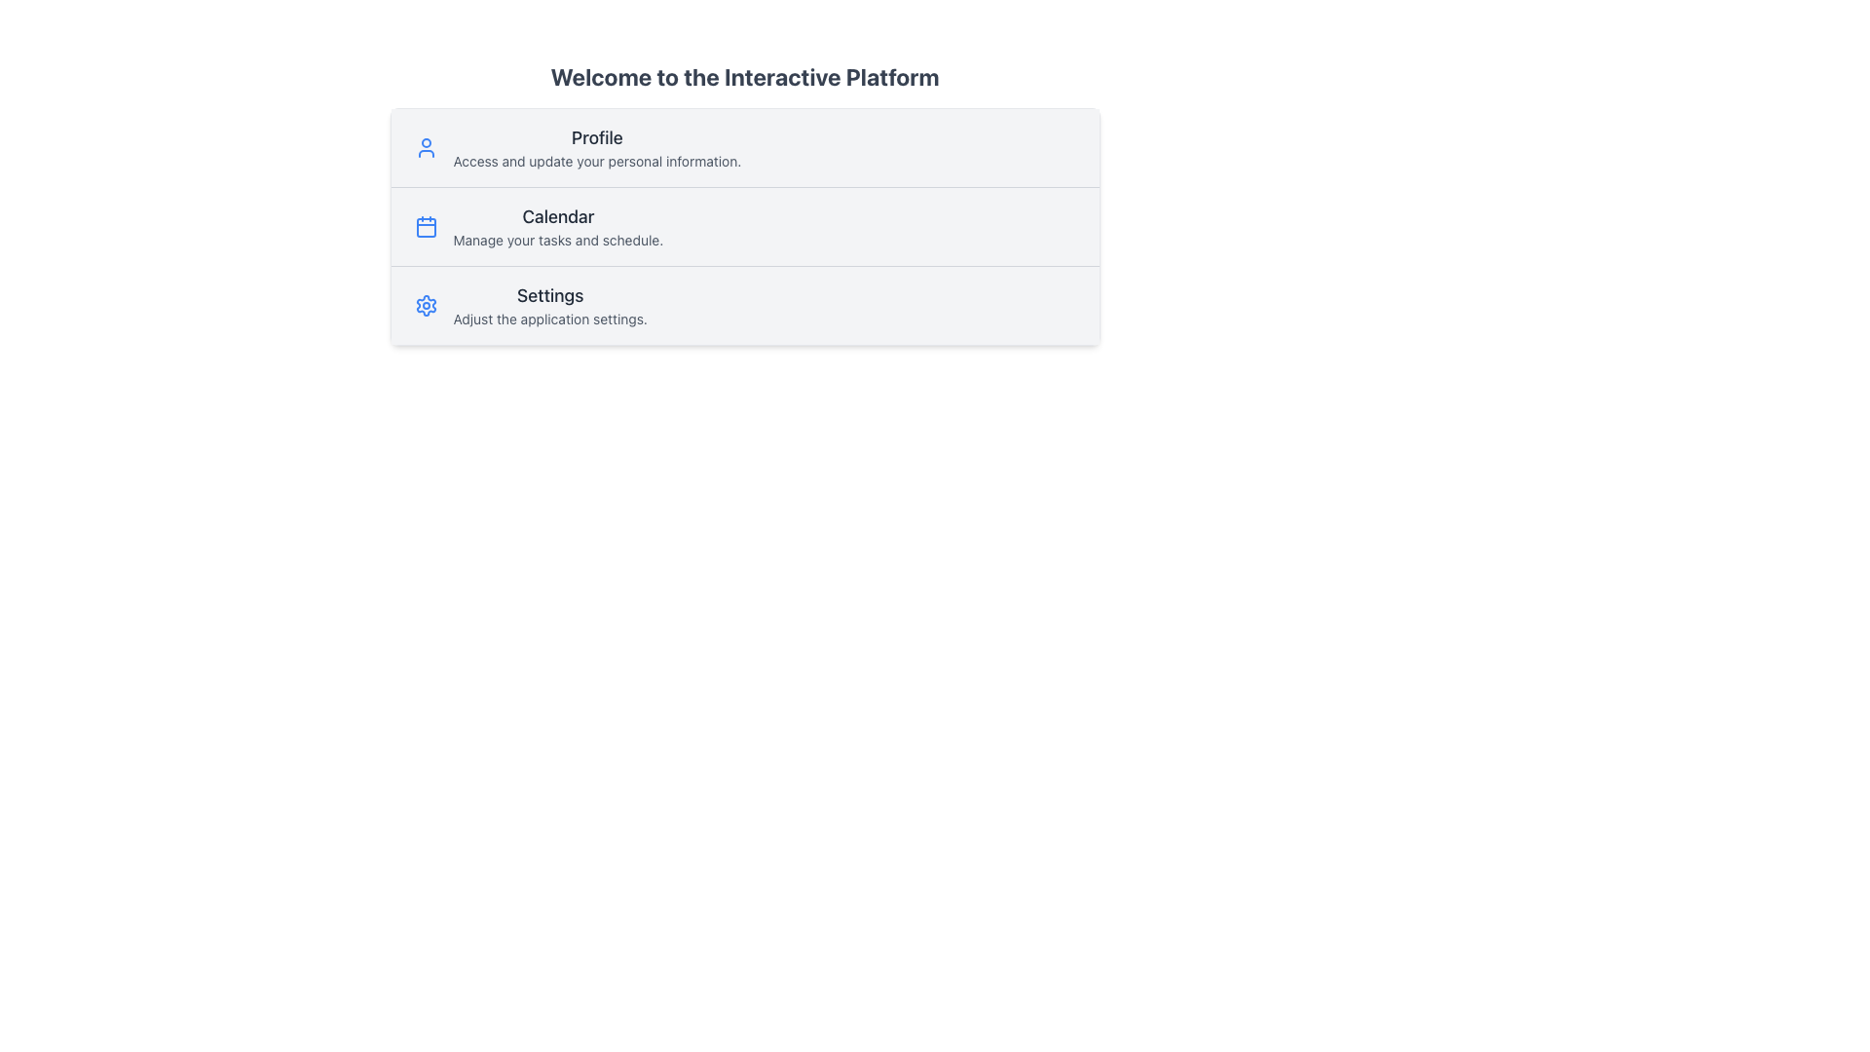 This screenshot has height=1052, width=1870. I want to click on the 'Calendar' text block element for navigation purposes, so click(557, 225).